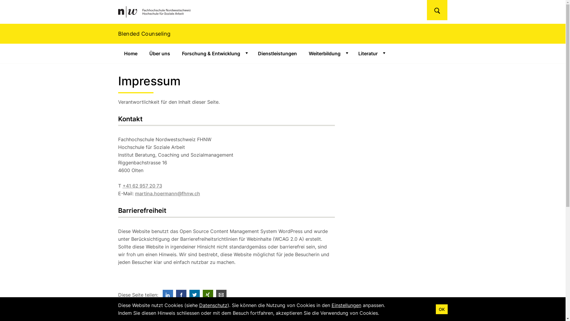 This screenshot has height=321, width=570. I want to click on 'Auf Facebook teilen', so click(180, 295).